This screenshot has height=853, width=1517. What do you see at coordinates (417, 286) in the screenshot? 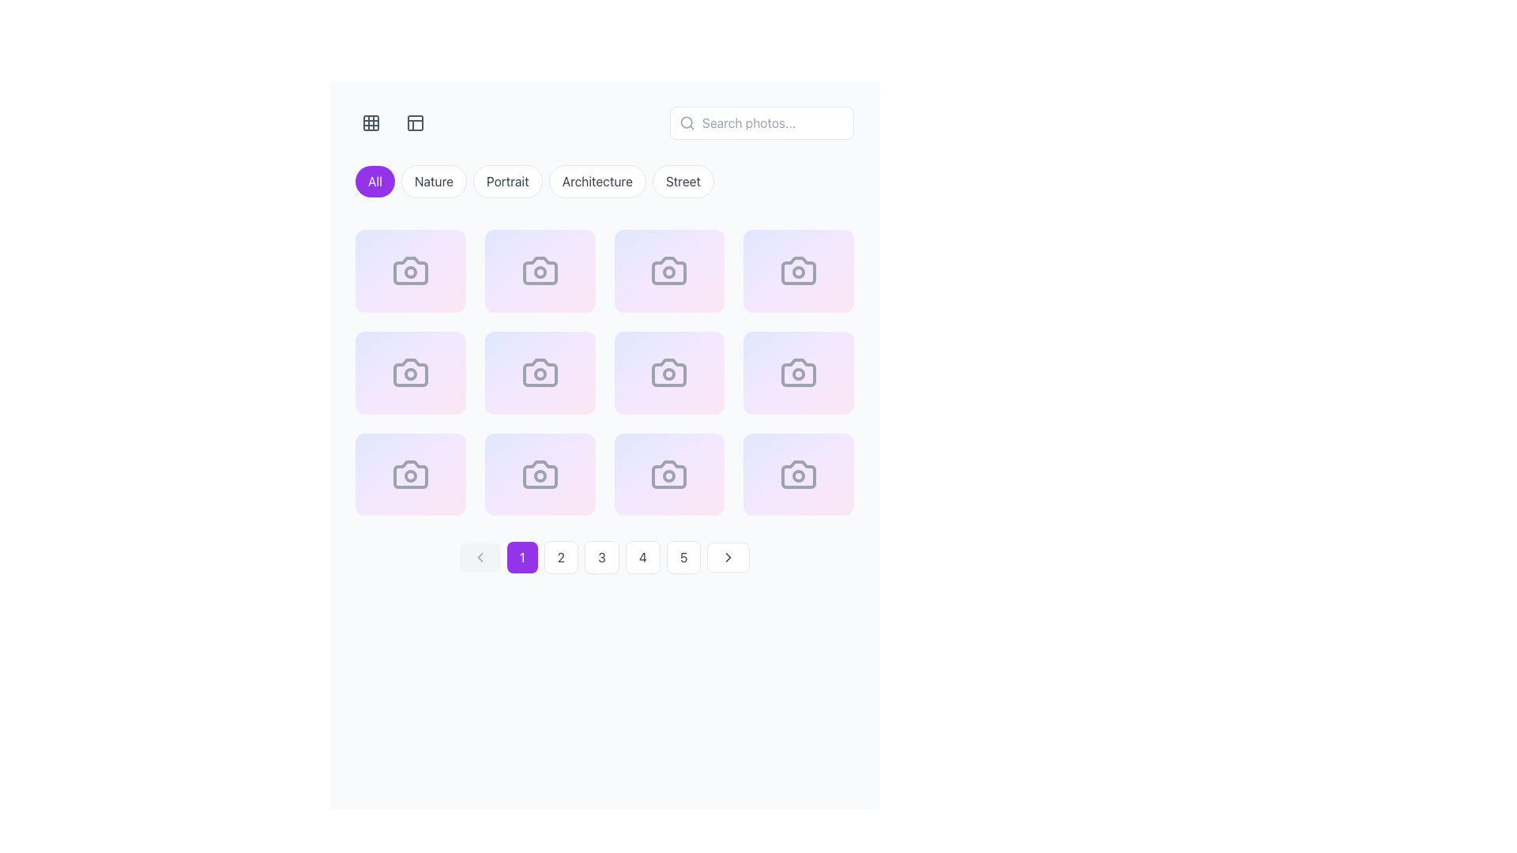
I see `the circular button with a hollow circle icon and connecting lines` at bounding box center [417, 286].